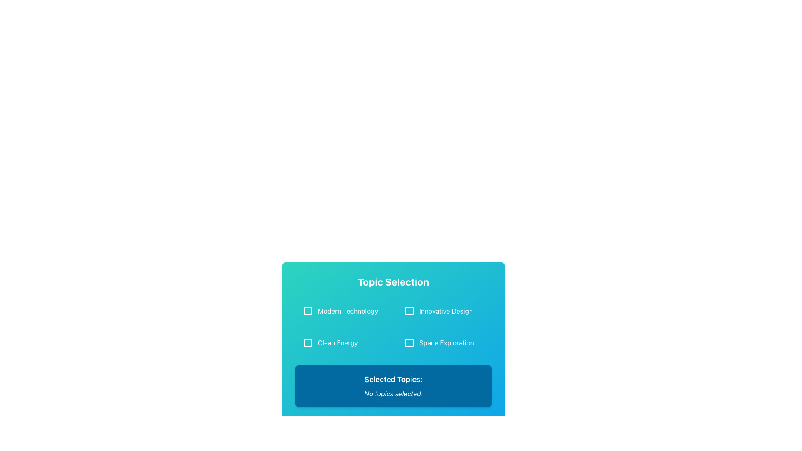  Describe the element at coordinates (409, 343) in the screenshot. I see `the checkbox, which is a square outline icon with rounded corners located near the 'Space Exploration' text label, indicating it is part of a draggable interface` at that location.